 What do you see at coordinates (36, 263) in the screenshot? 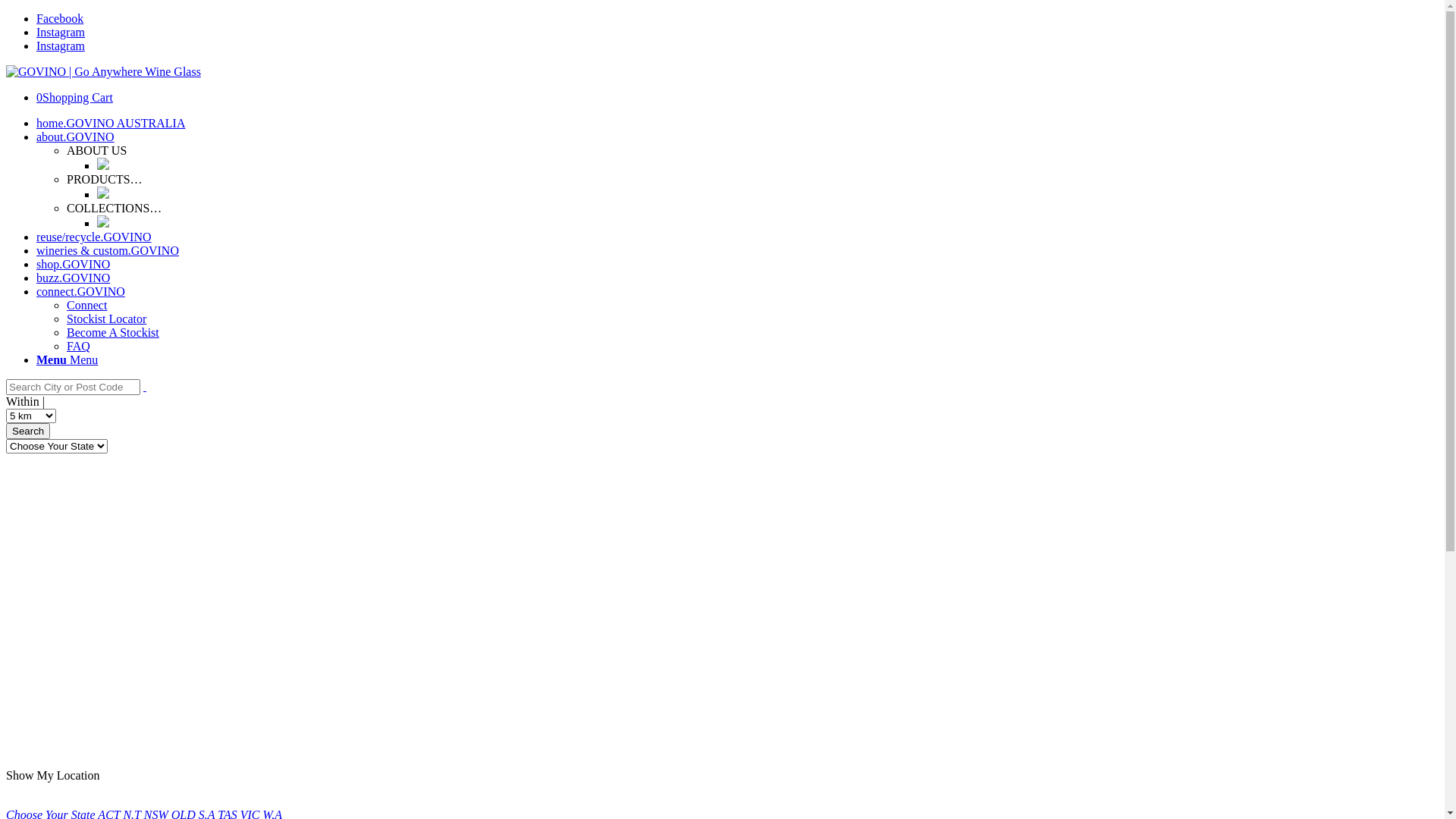
I see `'shop.GOVINO'` at bounding box center [36, 263].